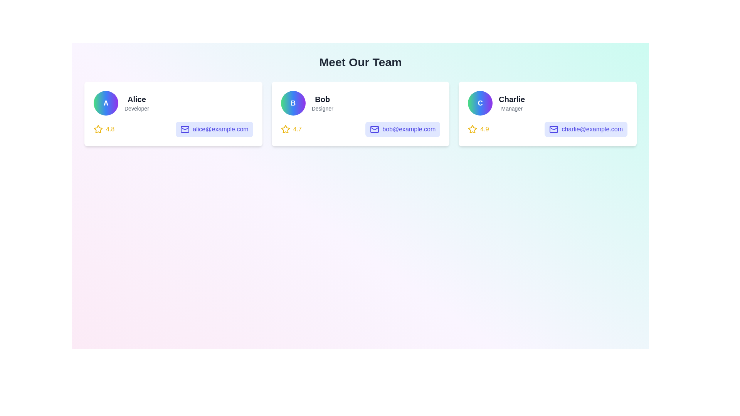 Image resolution: width=740 pixels, height=416 pixels. Describe the element at coordinates (285, 129) in the screenshot. I see `the rating star icon located in the top-left corner of Bob's card to interact with the associated rating features` at that location.